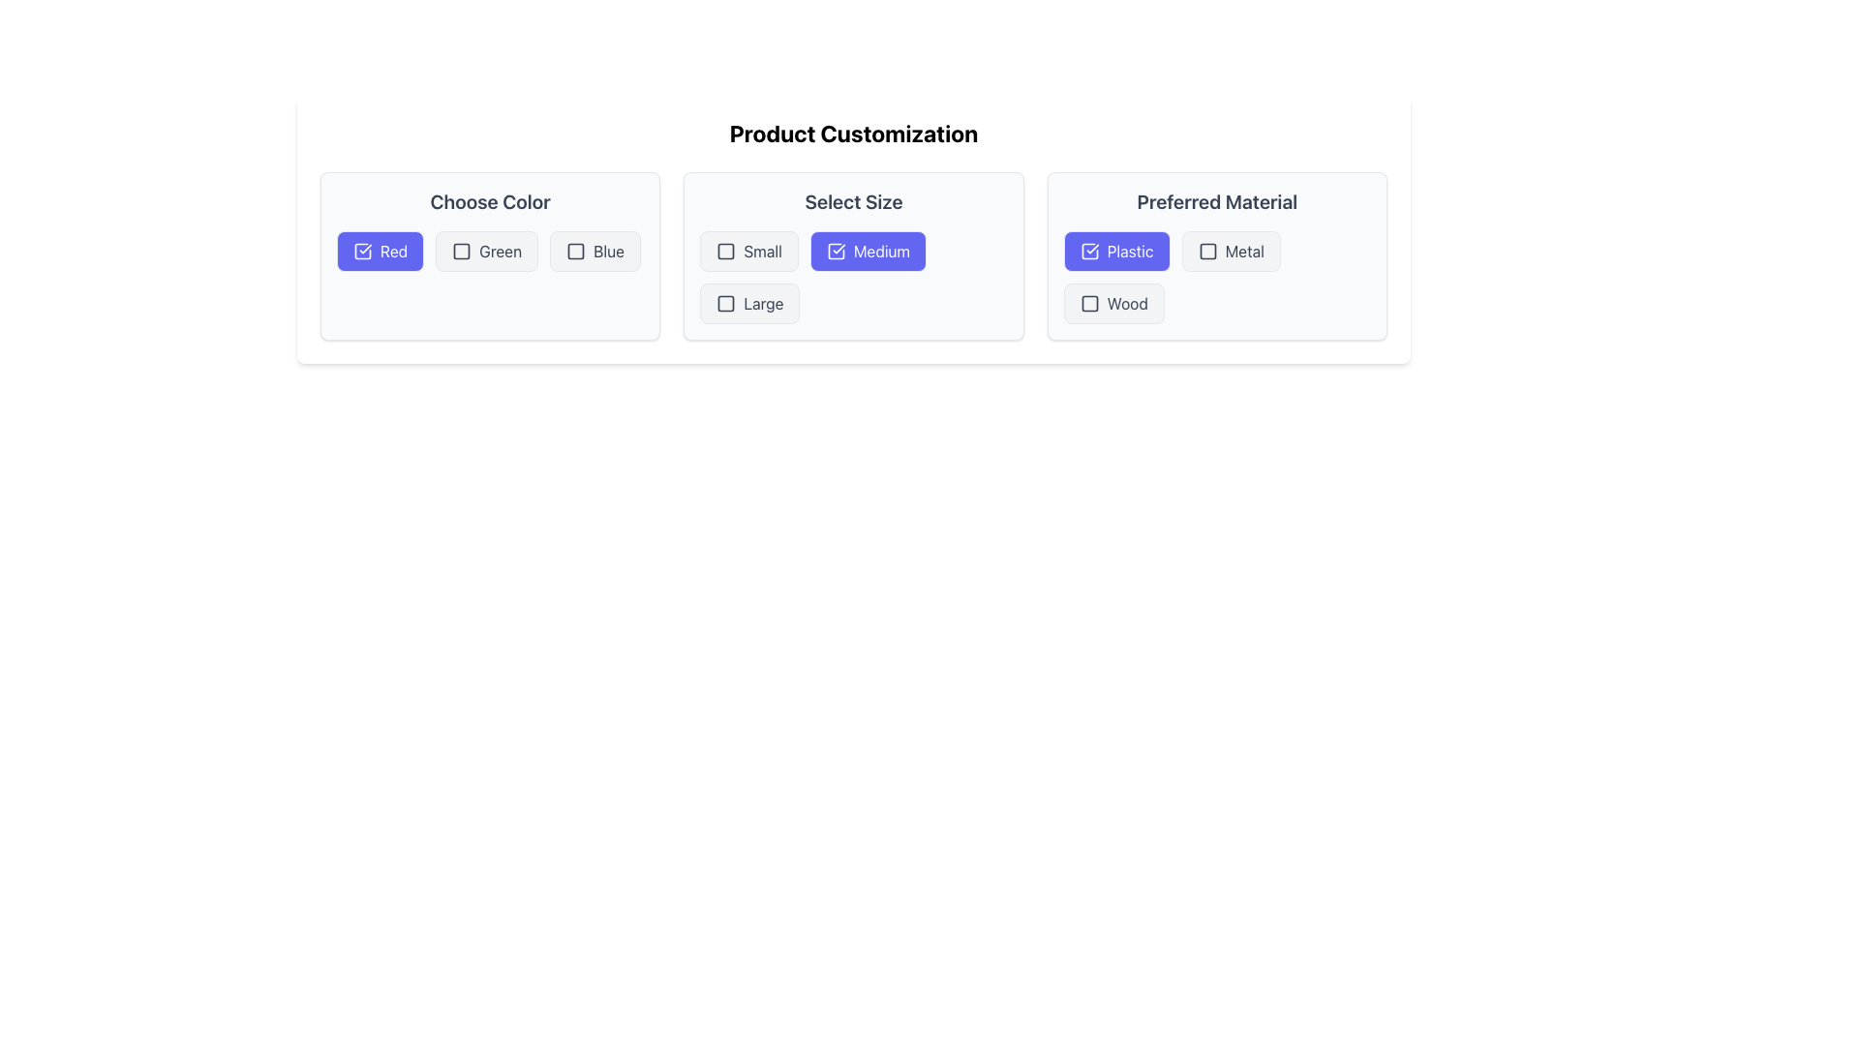 The height and width of the screenshot is (1045, 1859). What do you see at coordinates (490, 250) in the screenshot?
I see `the Interactive selection group under the title 'Choose Color'` at bounding box center [490, 250].